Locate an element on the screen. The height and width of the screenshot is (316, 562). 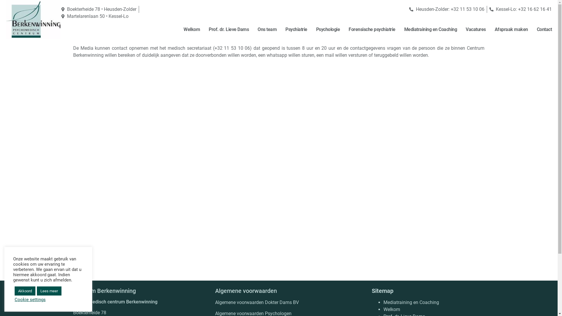
'Forensische psychiatrie' is located at coordinates (372, 29).